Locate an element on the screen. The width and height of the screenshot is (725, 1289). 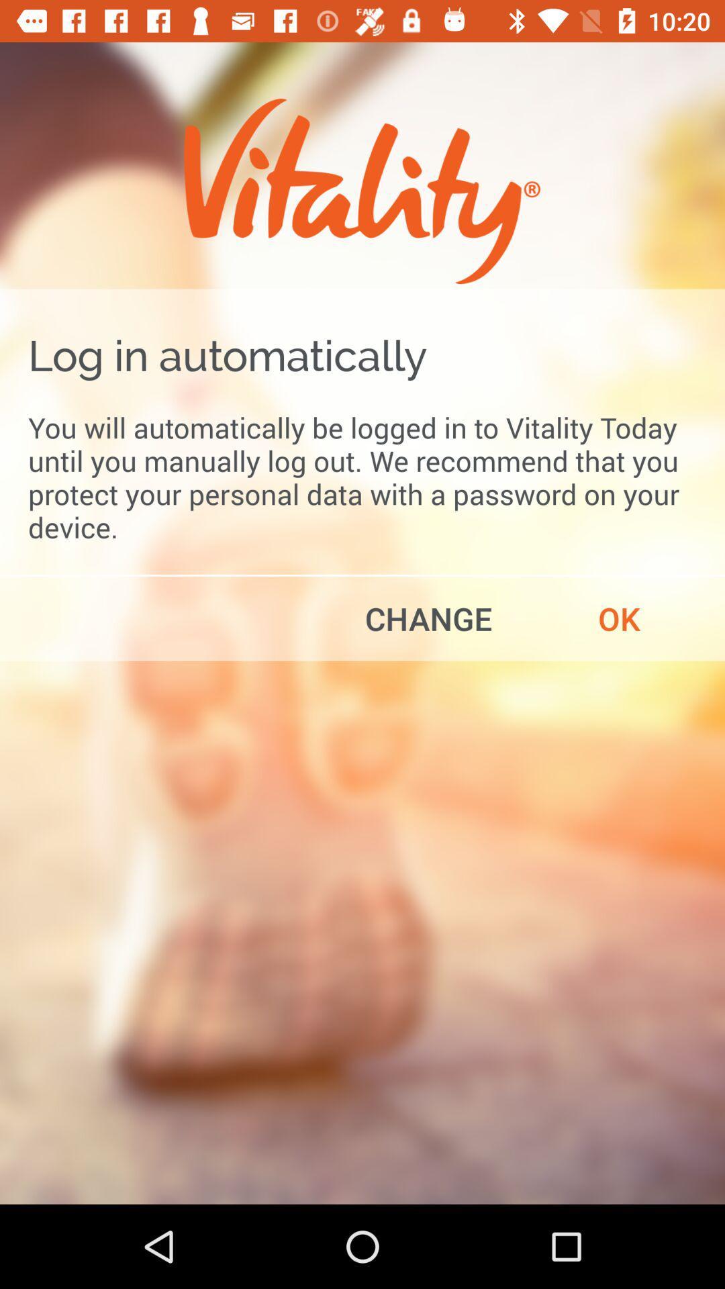
ok is located at coordinates (619, 618).